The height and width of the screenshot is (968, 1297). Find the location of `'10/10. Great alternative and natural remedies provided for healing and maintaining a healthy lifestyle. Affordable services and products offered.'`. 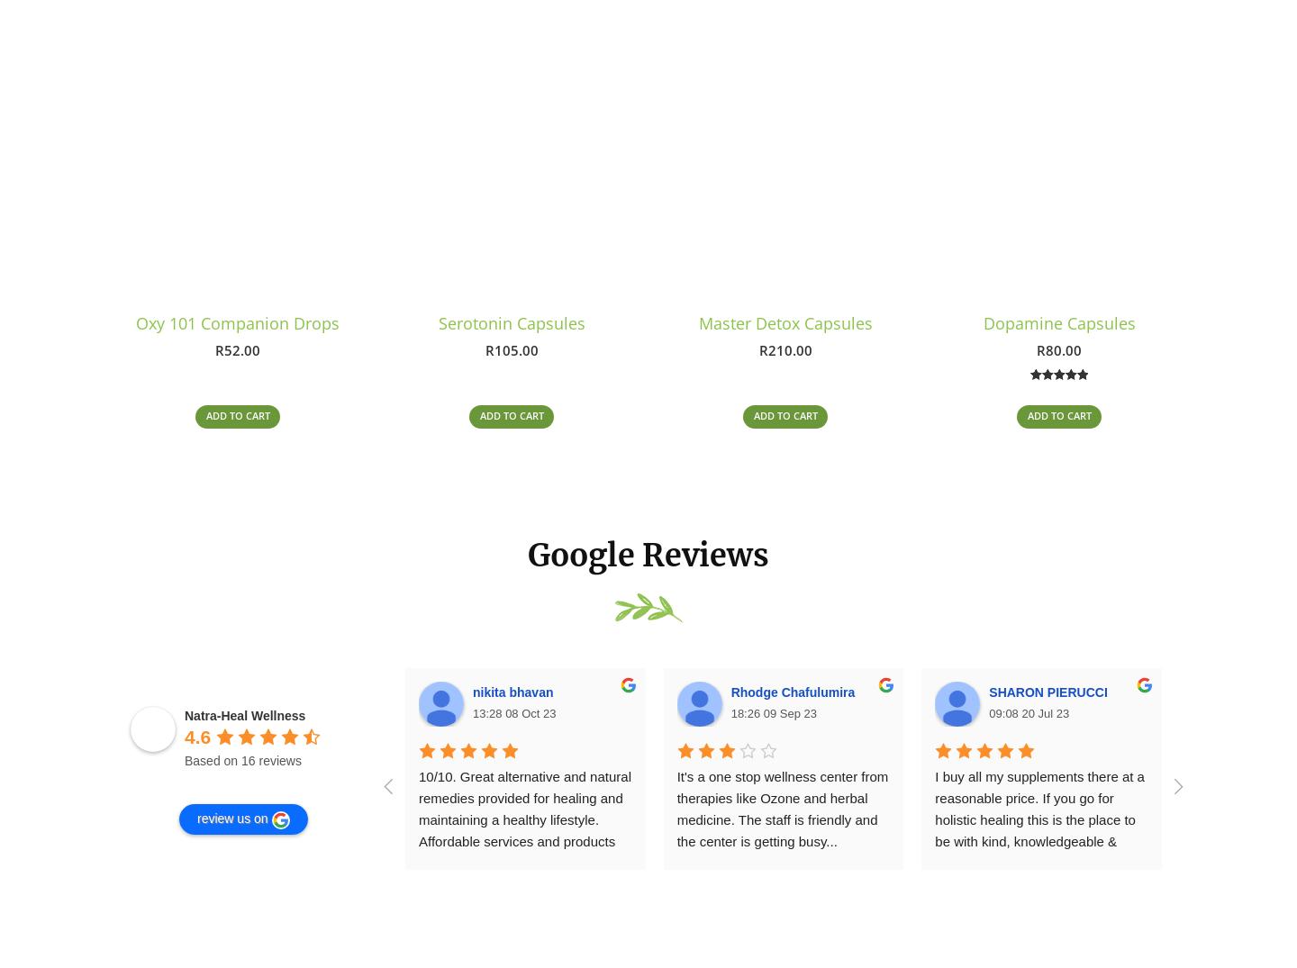

'10/10. Great alternative and natural remedies provided for healing and maintaining a healthy lifestyle. Affordable services and products offered.' is located at coordinates (526, 826).